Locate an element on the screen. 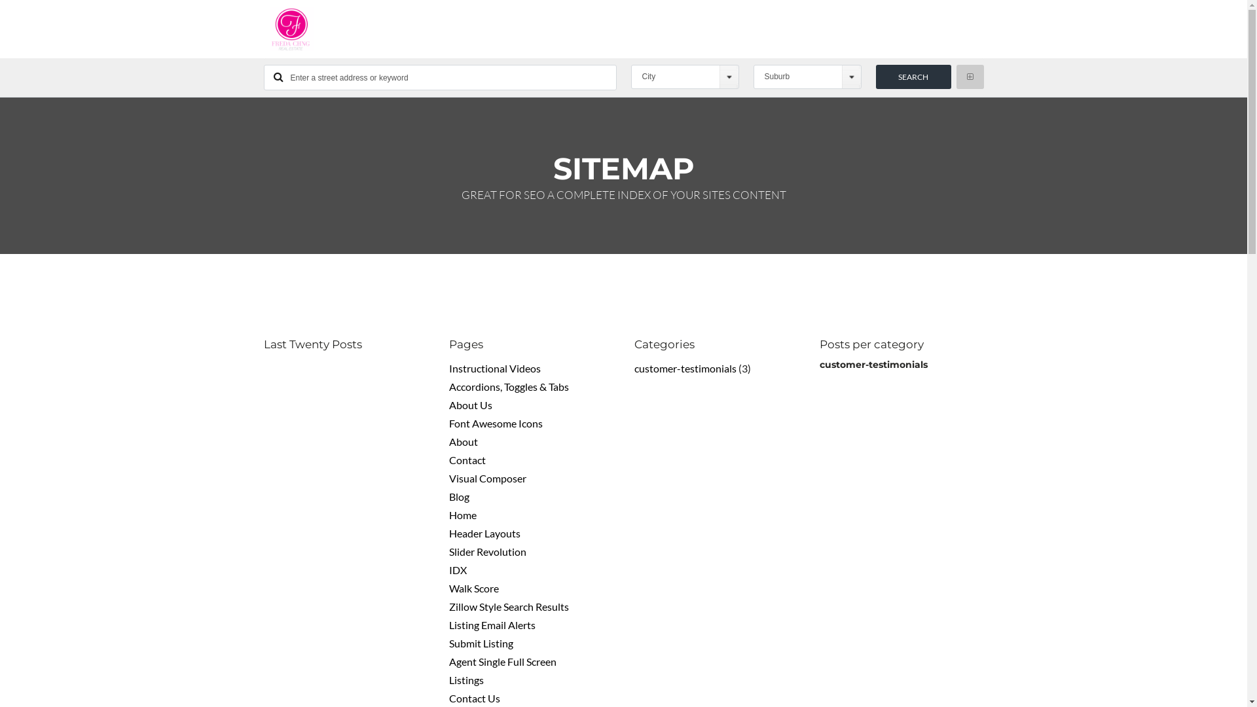 The image size is (1257, 707). 'About' is located at coordinates (464, 441).